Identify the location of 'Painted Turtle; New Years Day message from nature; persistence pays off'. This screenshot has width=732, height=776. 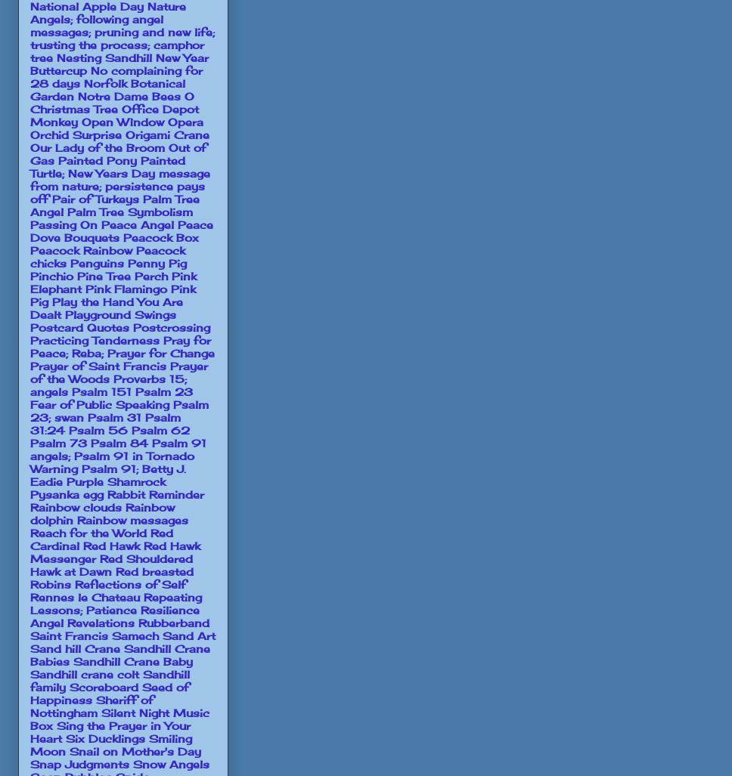
(119, 179).